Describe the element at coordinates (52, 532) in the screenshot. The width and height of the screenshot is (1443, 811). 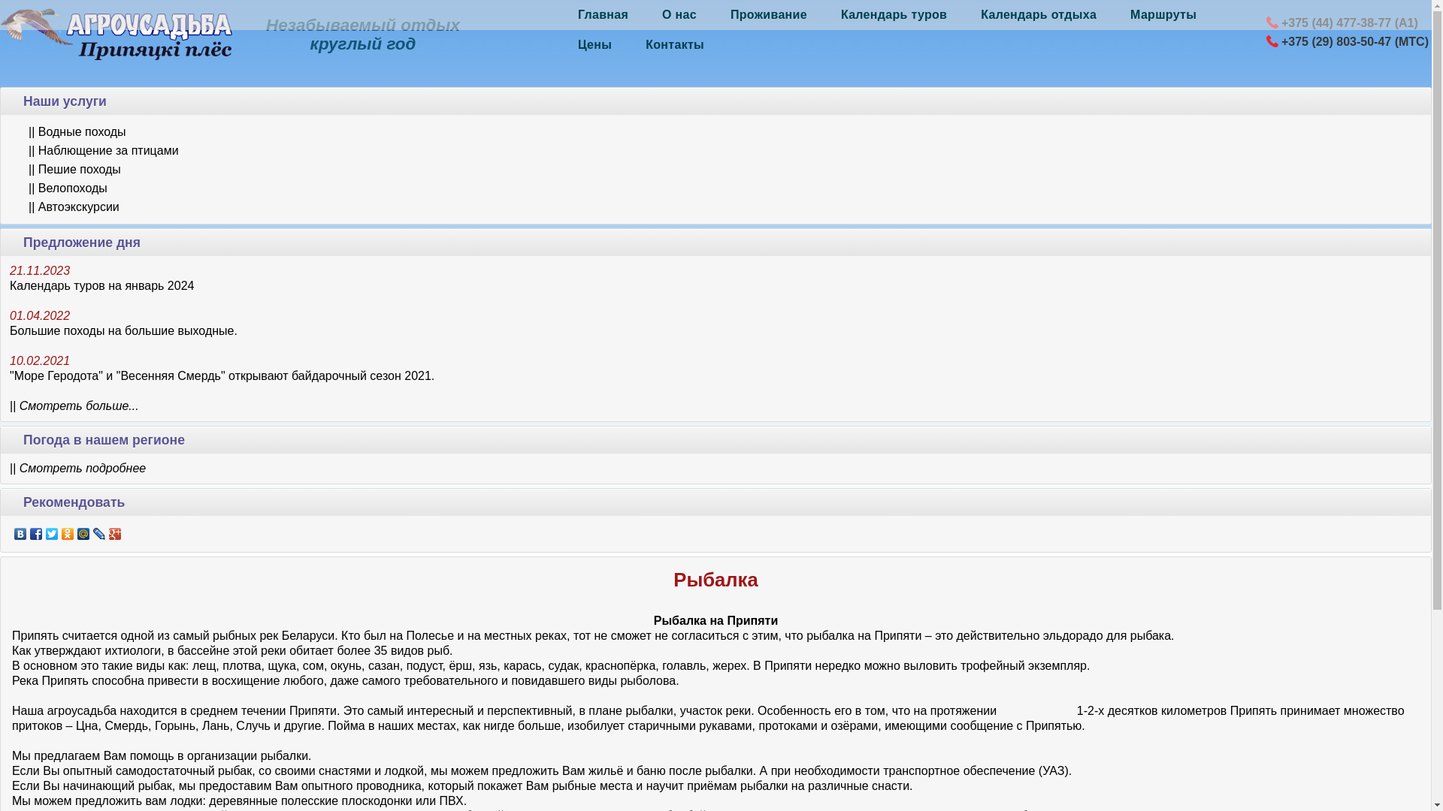
I see `'Twitter'` at that location.